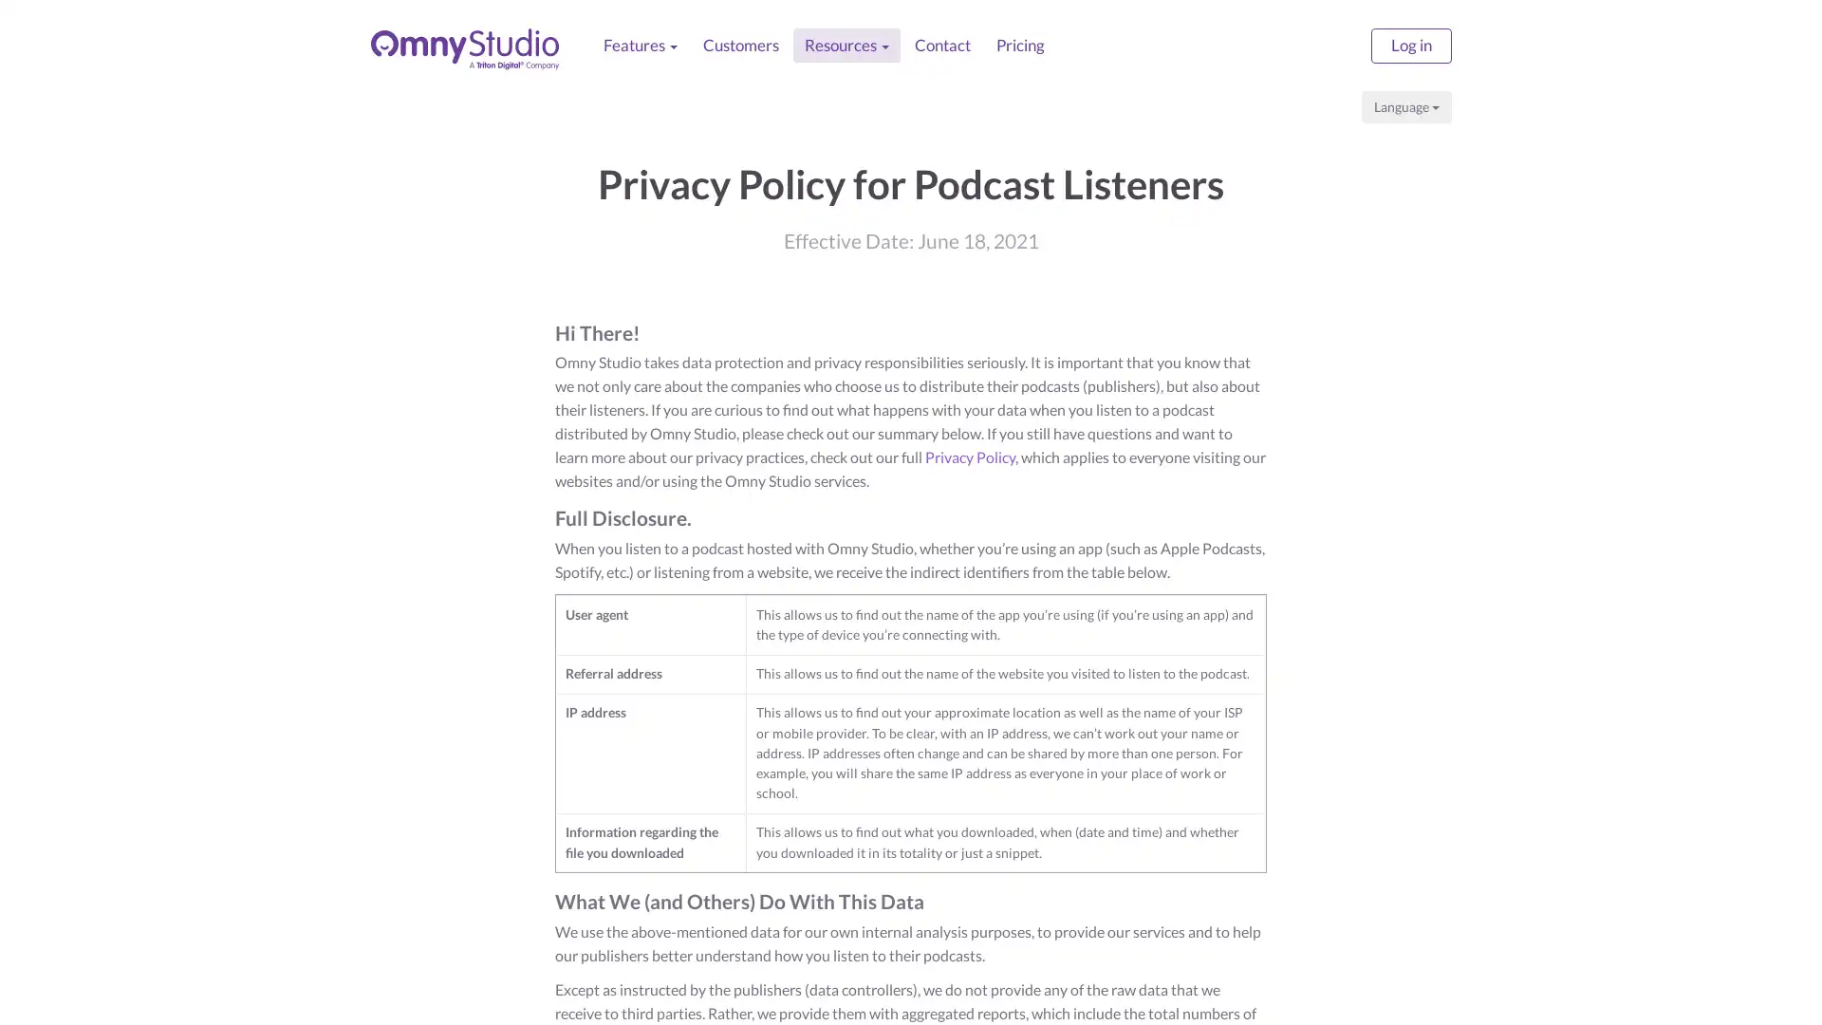 This screenshot has height=1025, width=1822. What do you see at coordinates (1406, 106) in the screenshot?
I see `Language` at bounding box center [1406, 106].